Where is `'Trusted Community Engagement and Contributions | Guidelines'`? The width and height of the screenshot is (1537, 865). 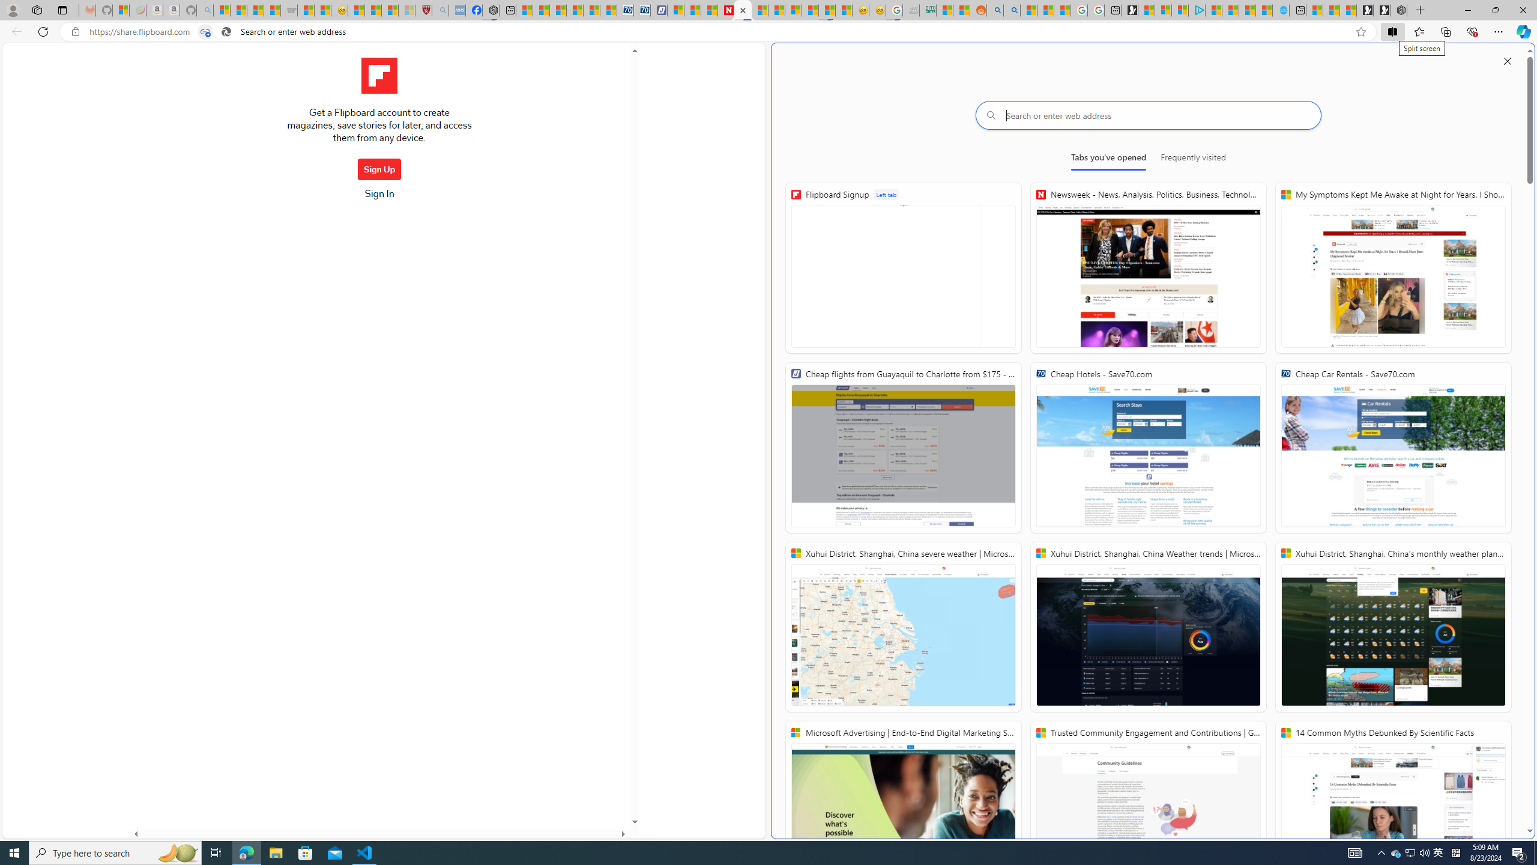
'Trusted Community Engagement and Contributions | Guidelines' is located at coordinates (1148, 806).